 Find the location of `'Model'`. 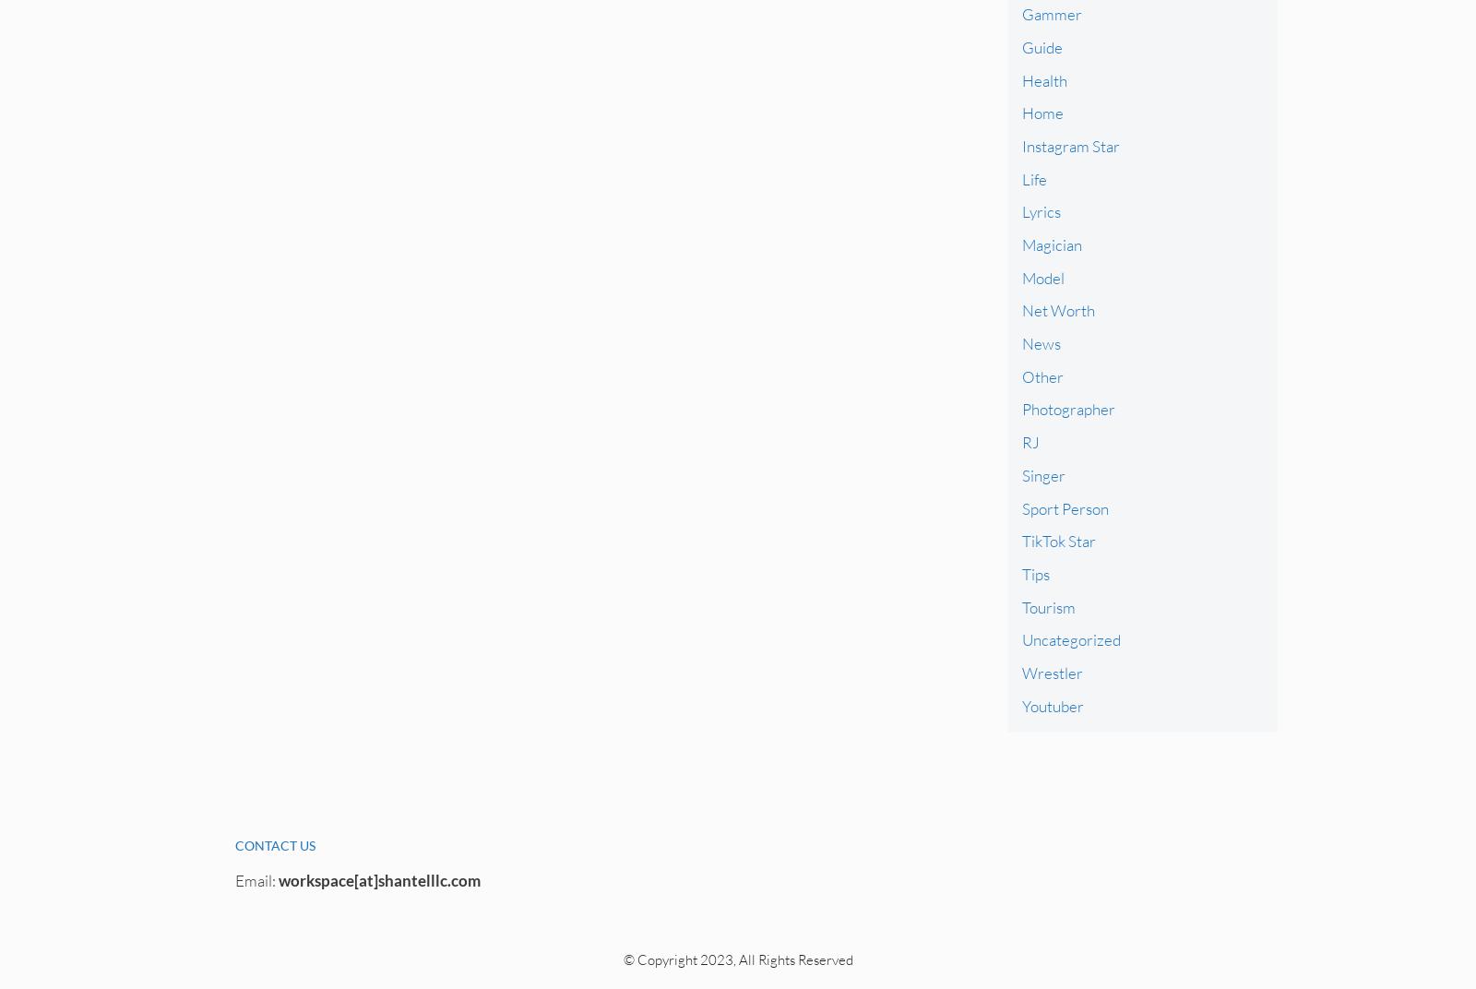

'Model' is located at coordinates (1042, 276).